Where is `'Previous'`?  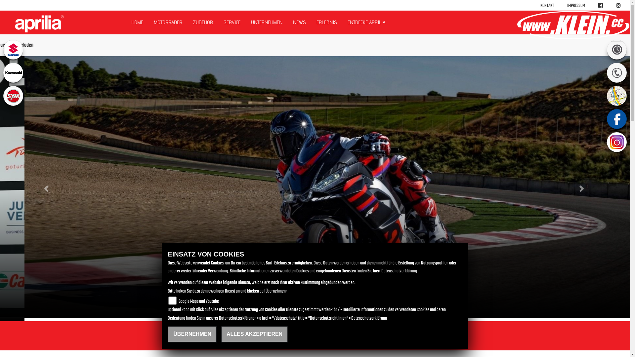 'Previous' is located at coordinates (47, 188).